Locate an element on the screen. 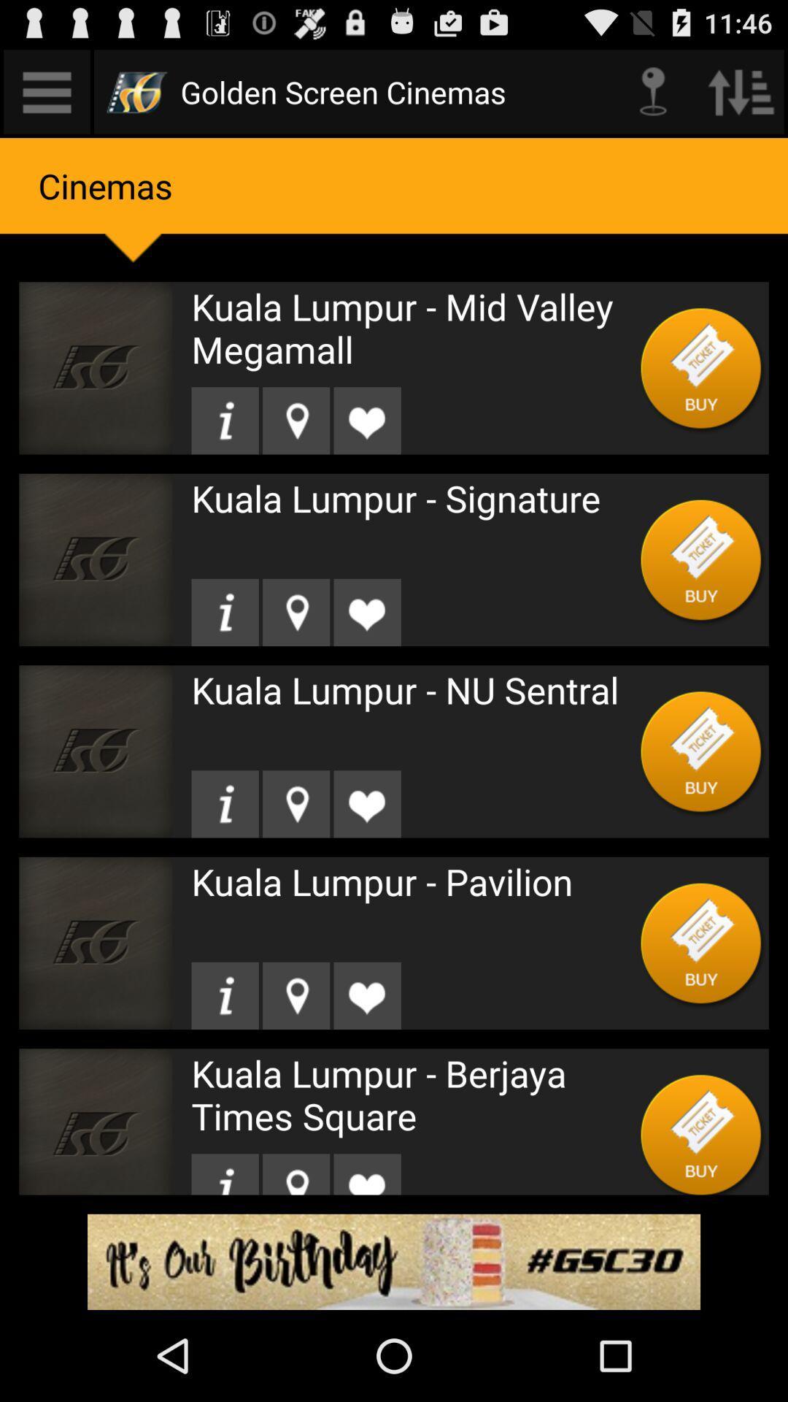 The image size is (788, 1402). likes is located at coordinates (366, 995).